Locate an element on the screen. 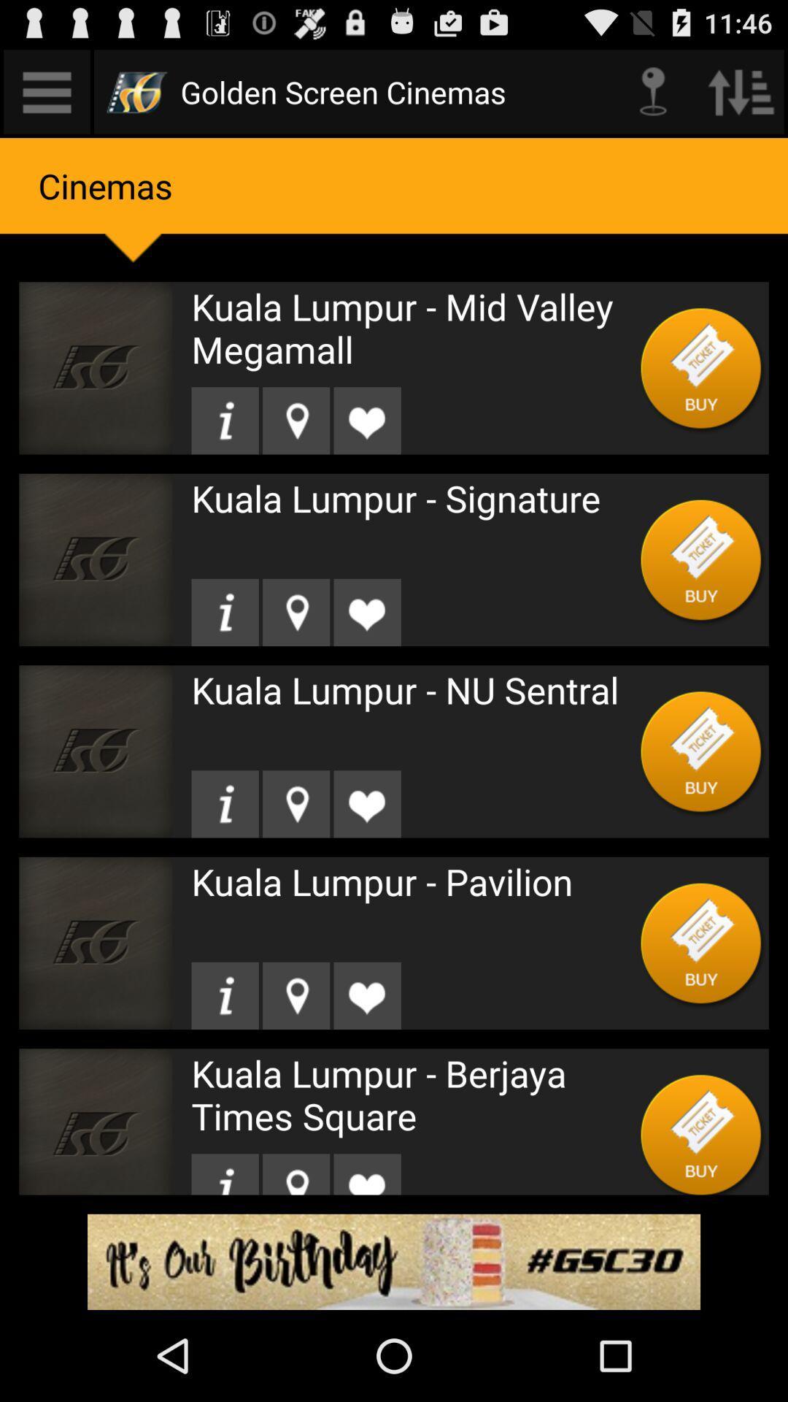 The image size is (788, 1402). likes is located at coordinates (366, 995).